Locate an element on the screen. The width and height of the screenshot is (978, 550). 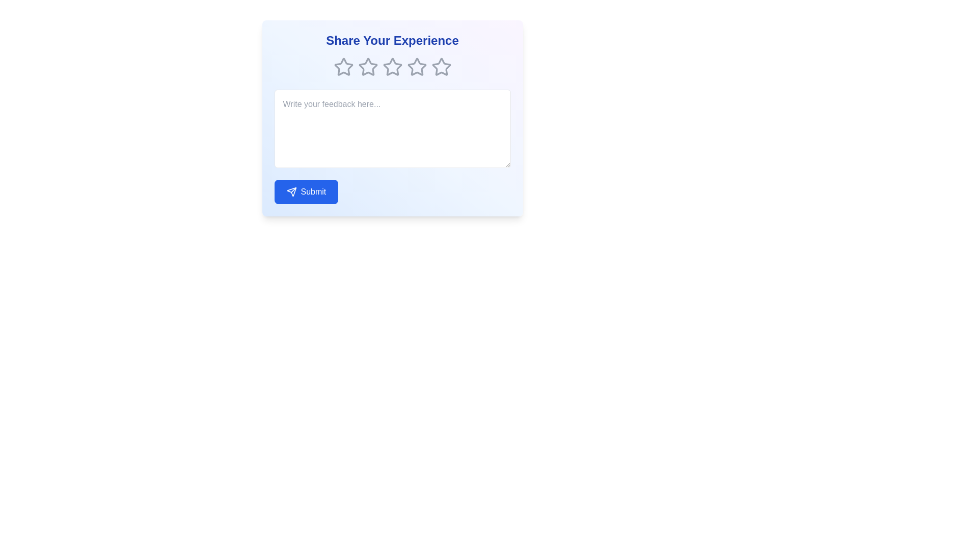
submit button to submit the feedback form is located at coordinates (306, 192).